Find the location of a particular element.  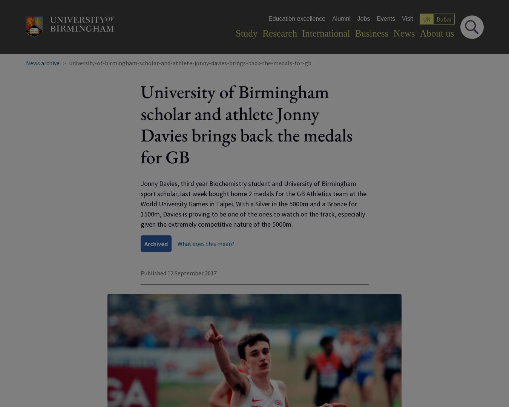

'Events' is located at coordinates (376, 18).